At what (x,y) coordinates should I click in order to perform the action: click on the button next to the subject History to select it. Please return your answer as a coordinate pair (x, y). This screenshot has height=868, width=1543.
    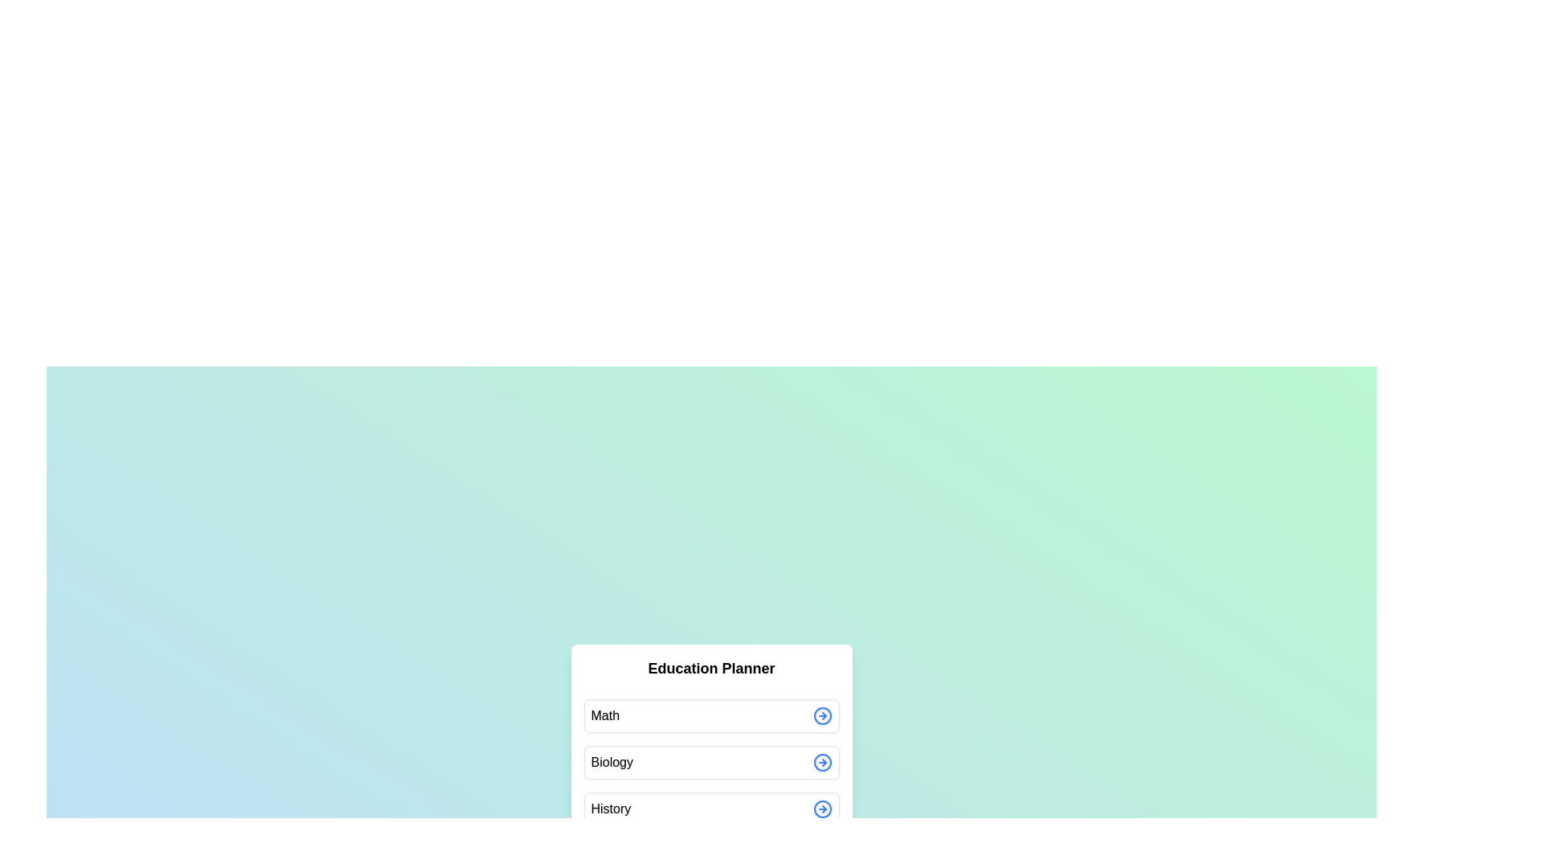
    Looking at the image, I should click on (822, 809).